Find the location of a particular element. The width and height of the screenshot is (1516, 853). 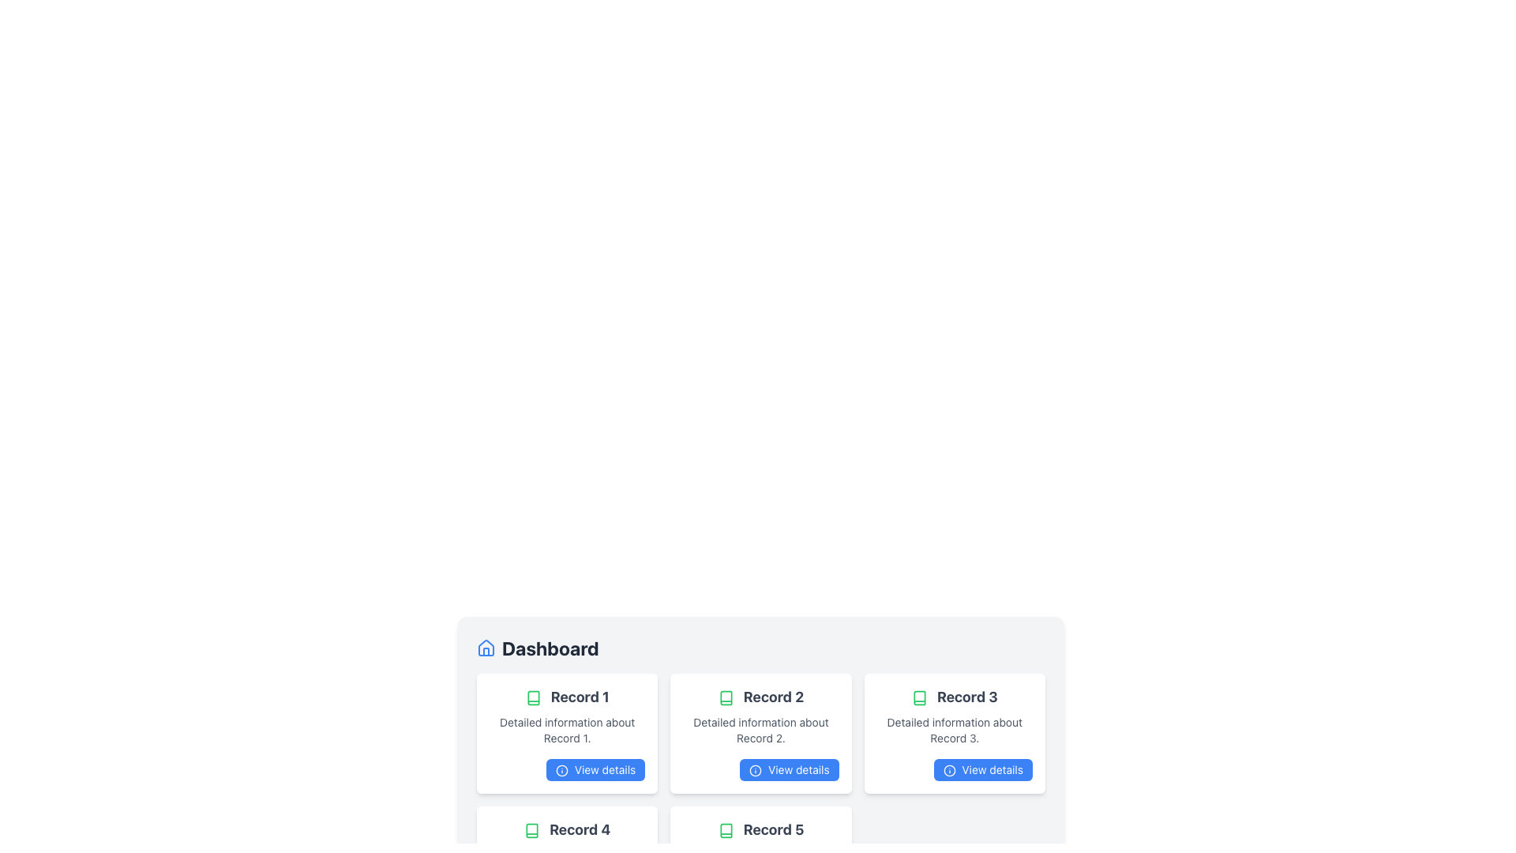

the 'View details' button for the first record labeled 'Record 1' located in the bottom part of the record card is located at coordinates (595, 769).